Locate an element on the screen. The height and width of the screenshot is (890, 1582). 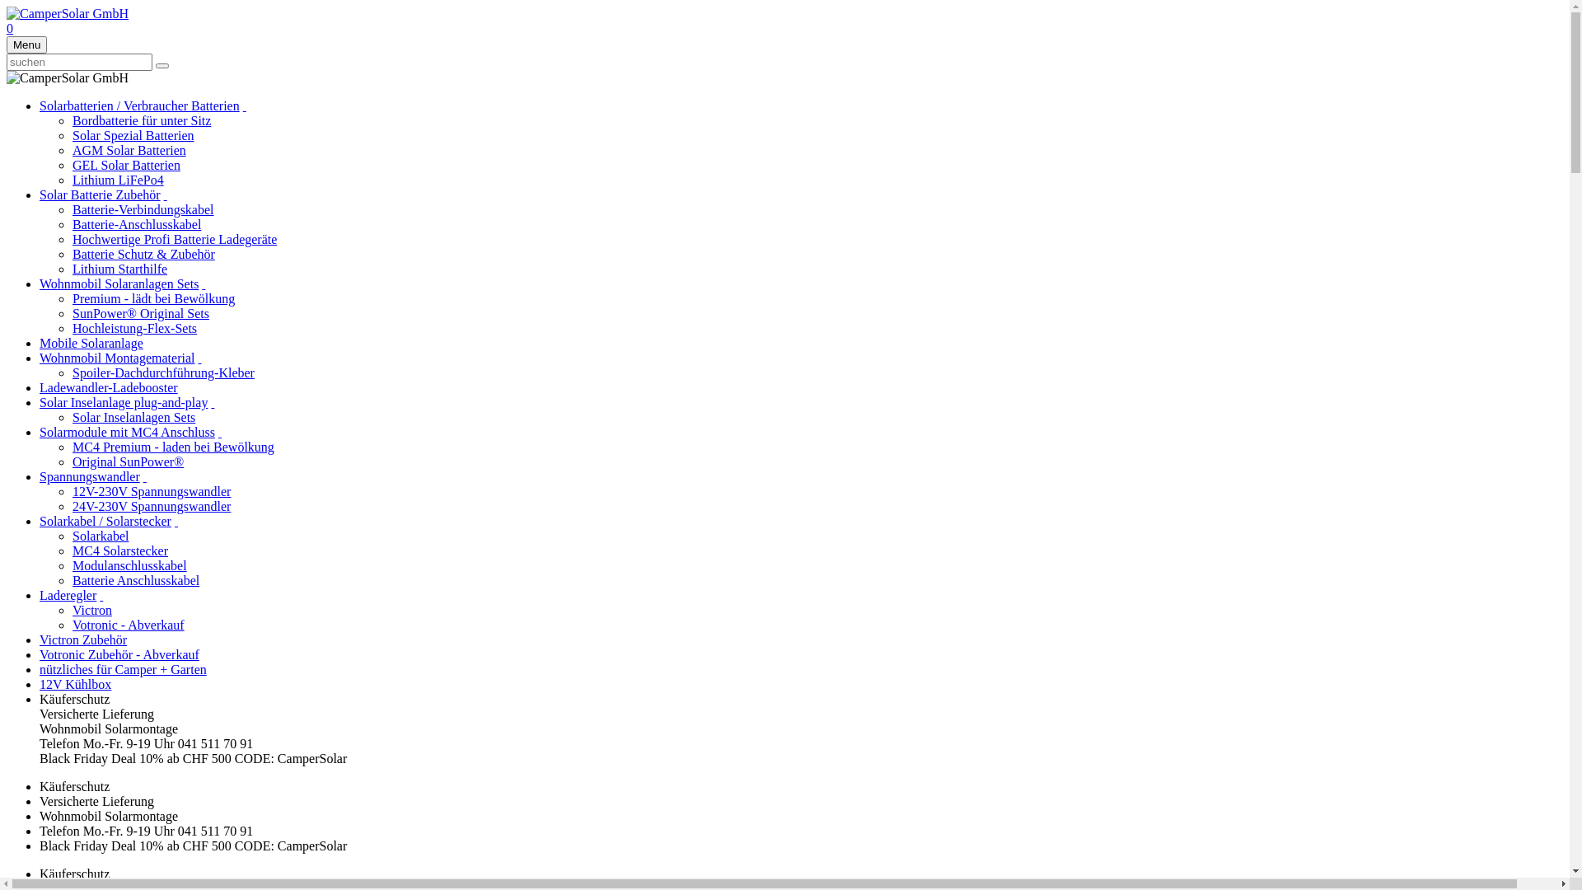
'Laderegler' is located at coordinates (67, 595).